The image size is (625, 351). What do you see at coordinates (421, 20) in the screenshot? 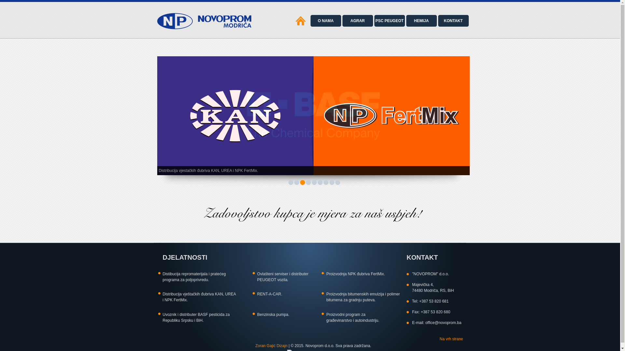
I see `'HEMIJA'` at bounding box center [421, 20].